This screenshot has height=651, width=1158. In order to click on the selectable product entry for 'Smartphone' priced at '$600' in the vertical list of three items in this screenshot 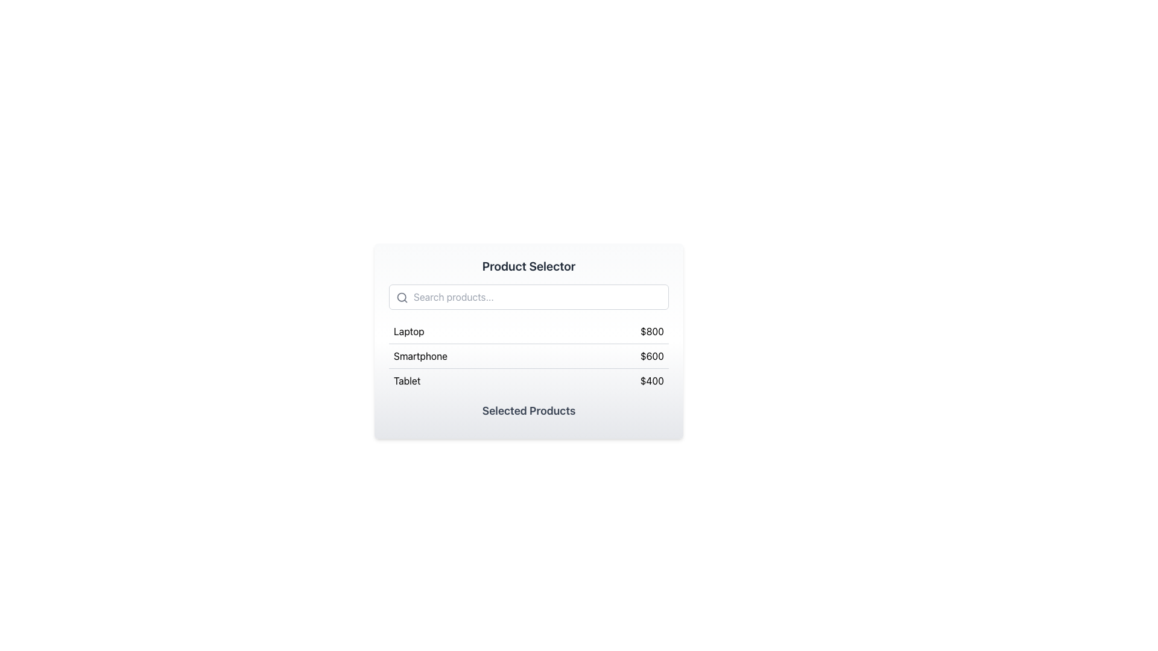, I will do `click(529, 355)`.